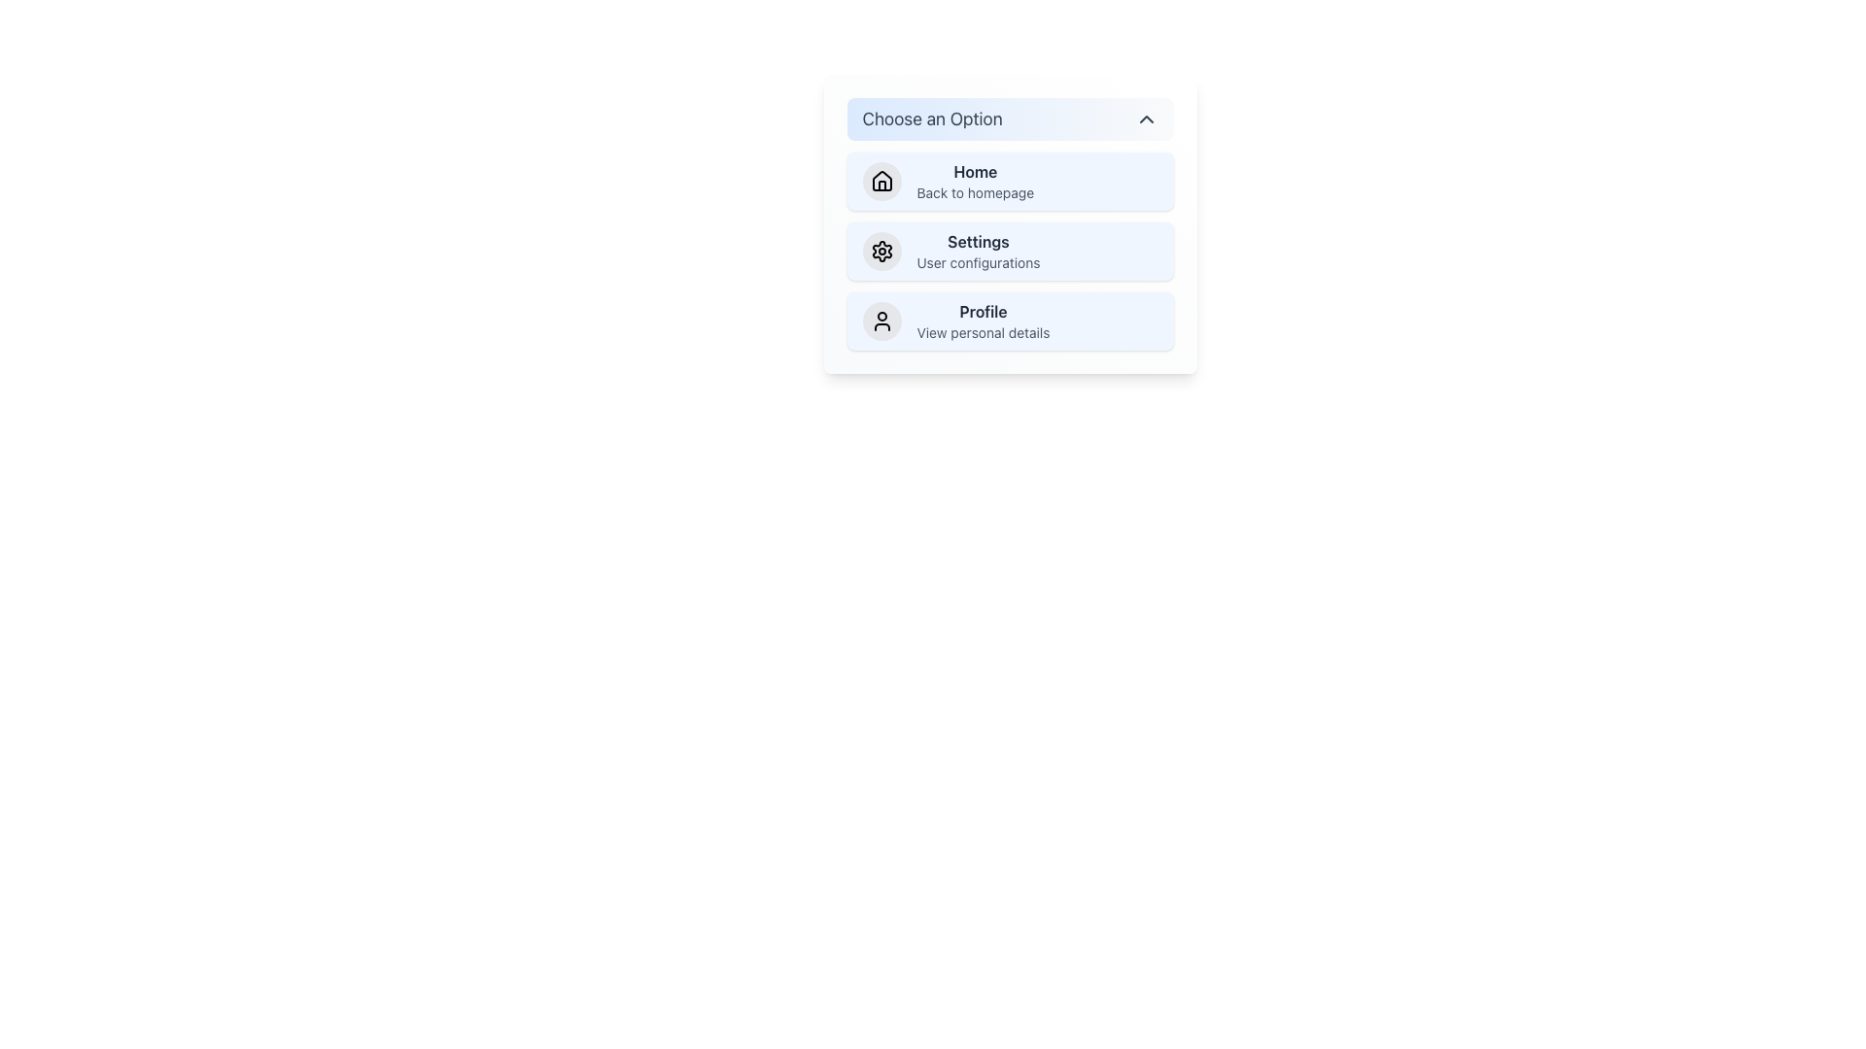  What do you see at coordinates (975, 181) in the screenshot?
I see `the 'Home' label element with a soft blue background that contains the text 'Home' in bold and 'Back to homepage' in a smaller style, positioned at the top of a menu structure` at bounding box center [975, 181].